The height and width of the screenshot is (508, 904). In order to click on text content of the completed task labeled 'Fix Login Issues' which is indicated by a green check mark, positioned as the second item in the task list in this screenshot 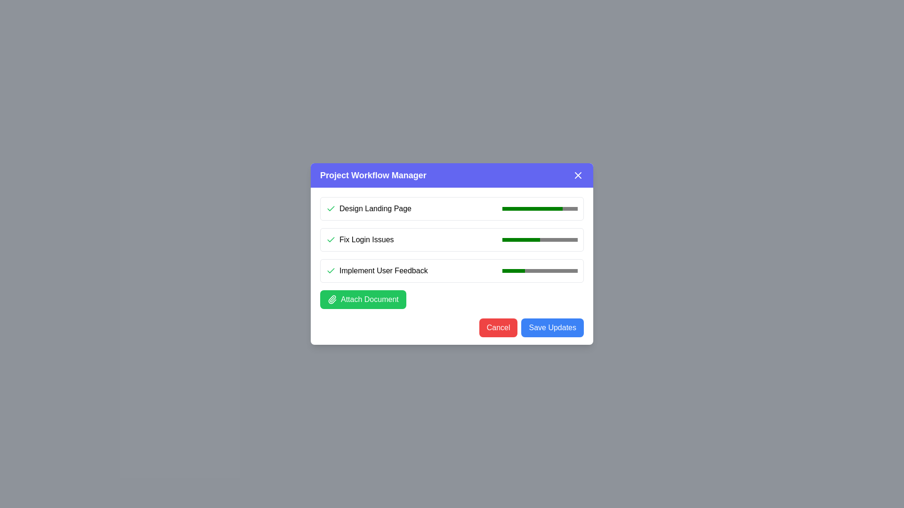, I will do `click(359, 239)`.